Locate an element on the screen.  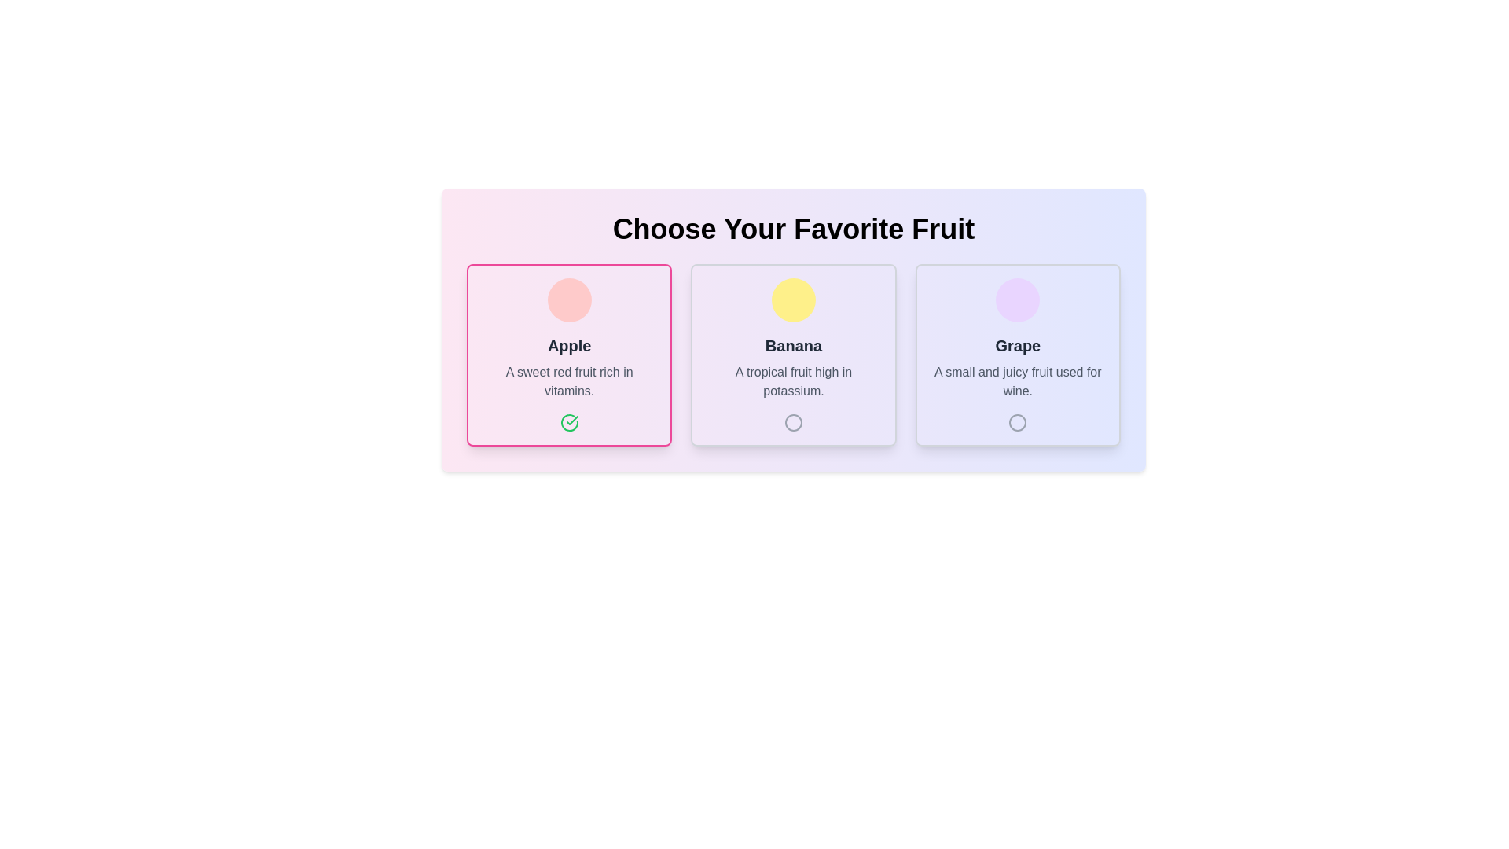
the circular icon at the bottom of the 'Grape' selectable card is located at coordinates (1018, 355).